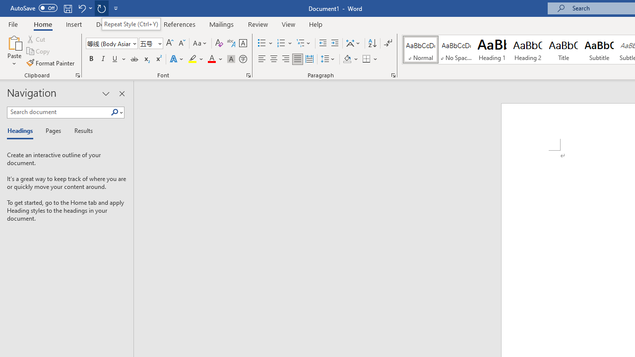 This screenshot has height=357, width=635. Describe the element at coordinates (211, 59) in the screenshot. I see `'Font Color Red'` at that location.